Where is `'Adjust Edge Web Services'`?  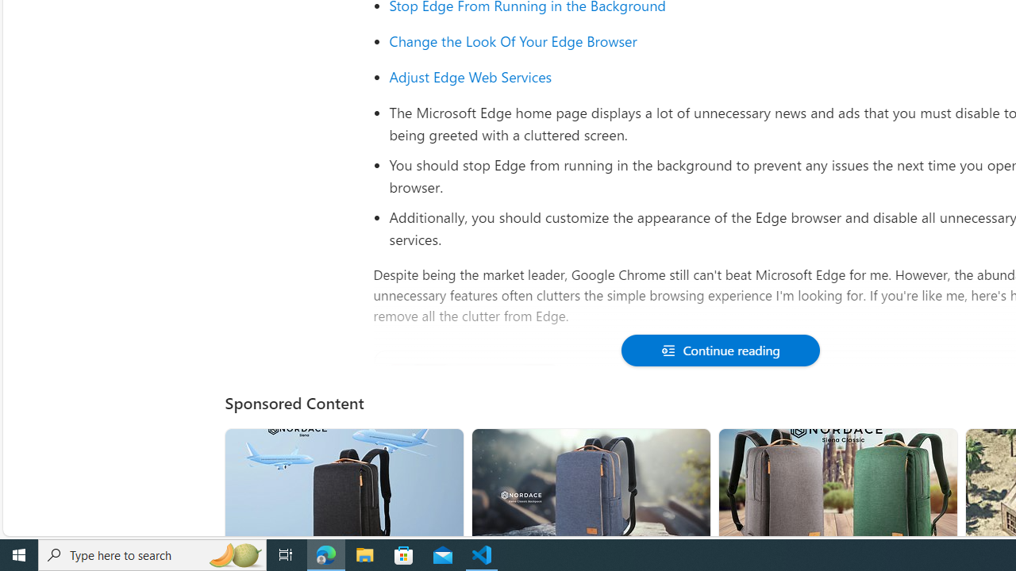
'Adjust Edge Web Services' is located at coordinates (470, 76).